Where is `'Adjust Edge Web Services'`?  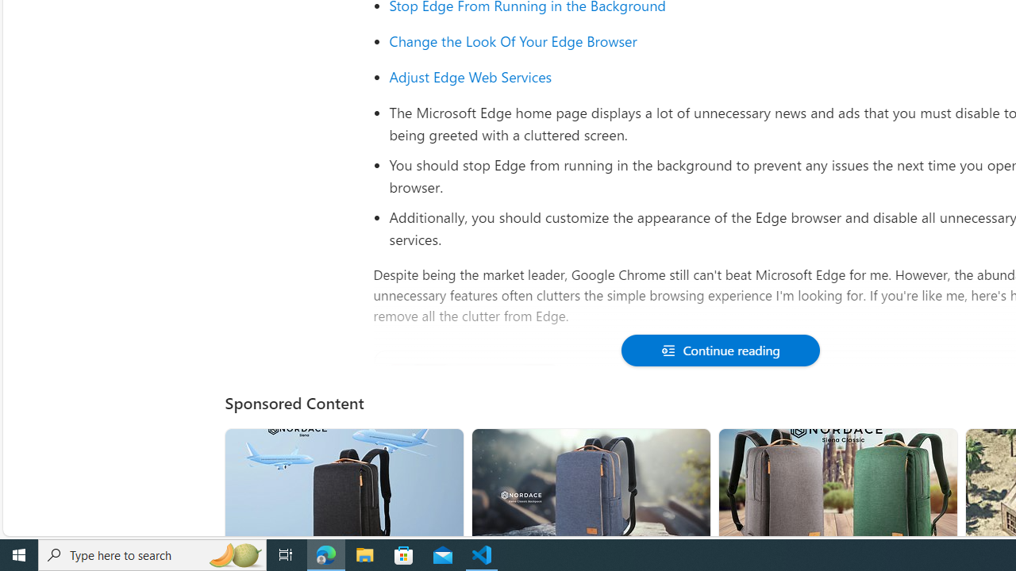
'Adjust Edge Web Services' is located at coordinates (470, 76).